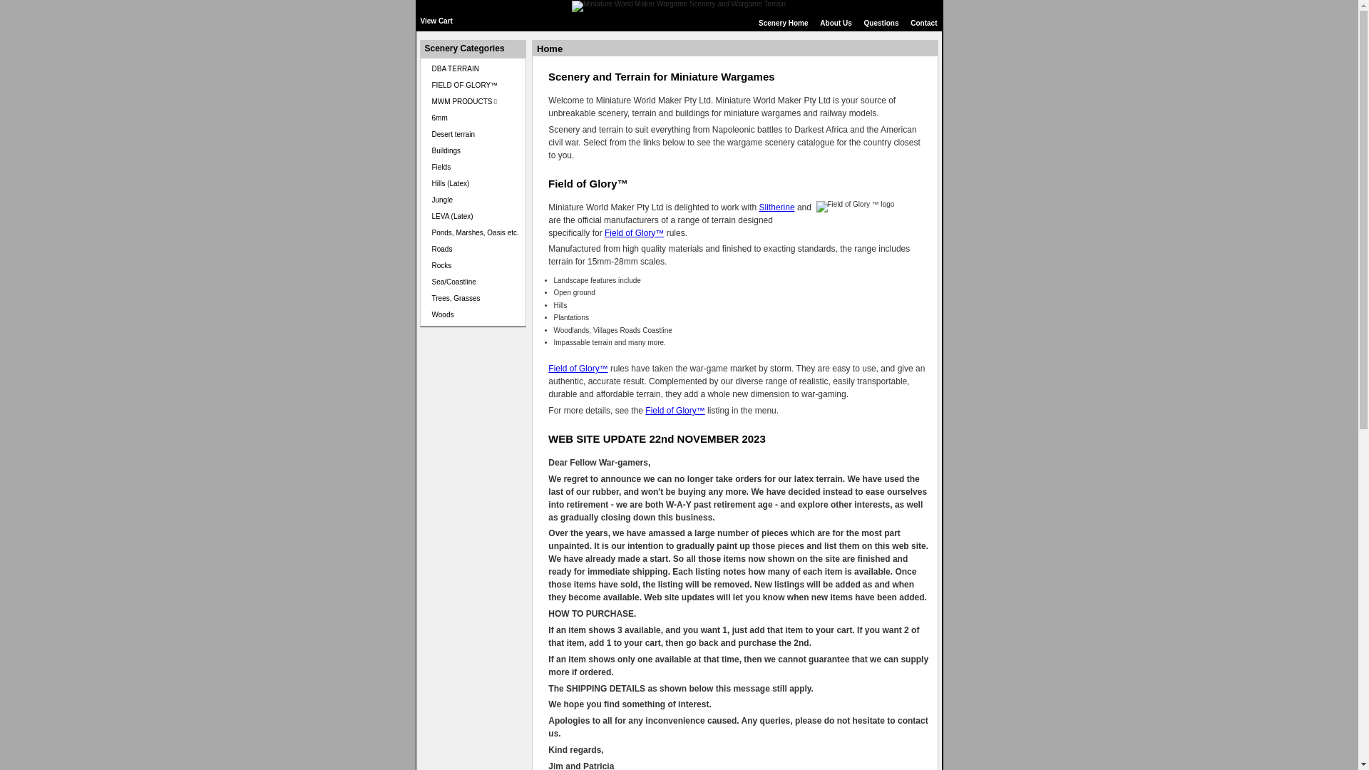  Describe the element at coordinates (436, 21) in the screenshot. I see `'View Cart'` at that location.